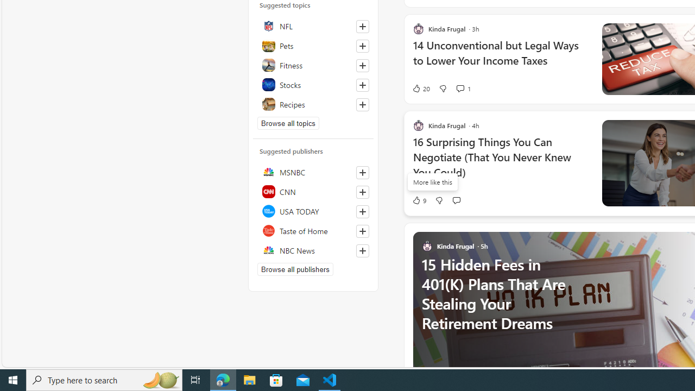 The image size is (695, 391). Describe the element at coordinates (362, 104) in the screenshot. I see `'Follow this topic'` at that location.